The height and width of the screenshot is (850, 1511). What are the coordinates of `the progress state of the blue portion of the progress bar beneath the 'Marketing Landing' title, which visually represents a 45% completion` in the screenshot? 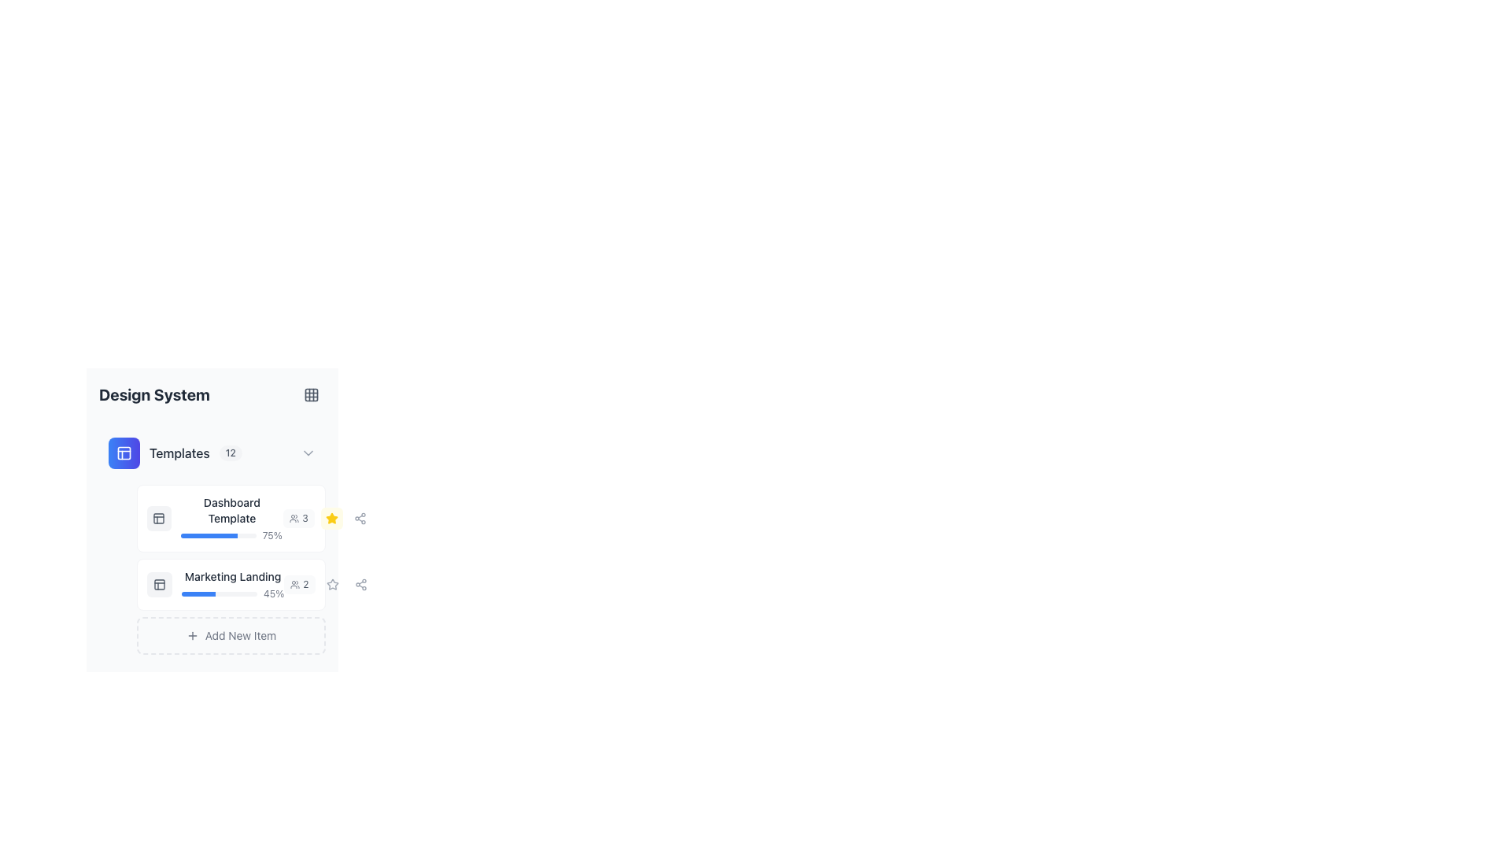 It's located at (198, 594).